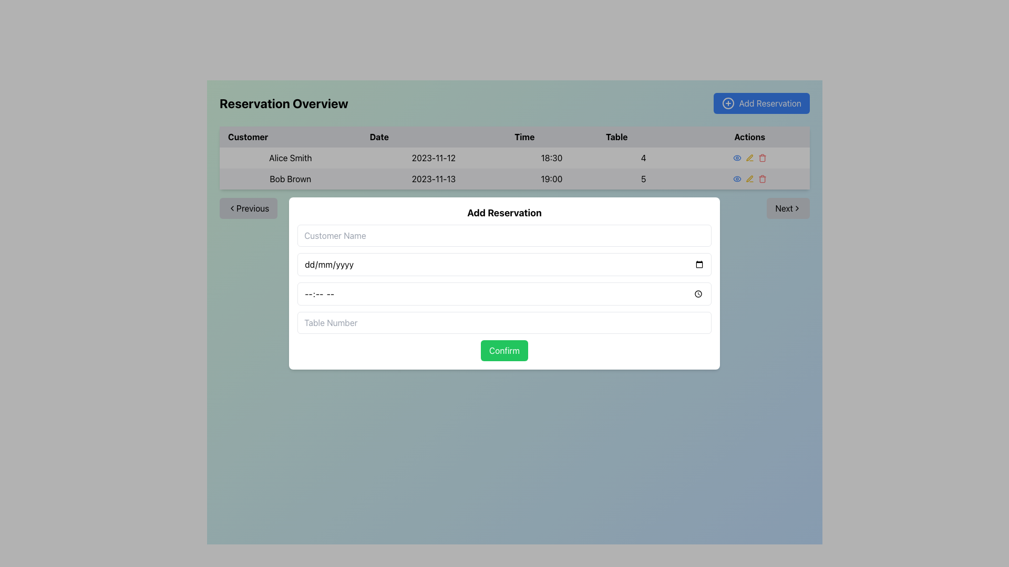 The height and width of the screenshot is (567, 1009). I want to click on the 'Previous' button, which is a rectangular button with a light gray background and the text 'Previous', so click(248, 208).